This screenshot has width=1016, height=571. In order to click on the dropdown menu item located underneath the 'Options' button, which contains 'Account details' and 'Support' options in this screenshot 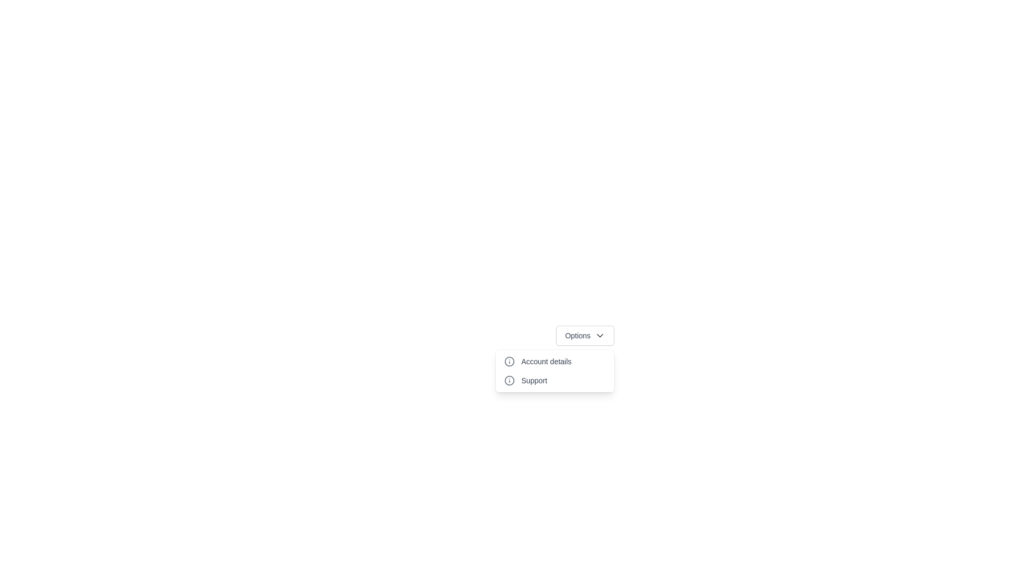, I will do `click(555, 371)`.